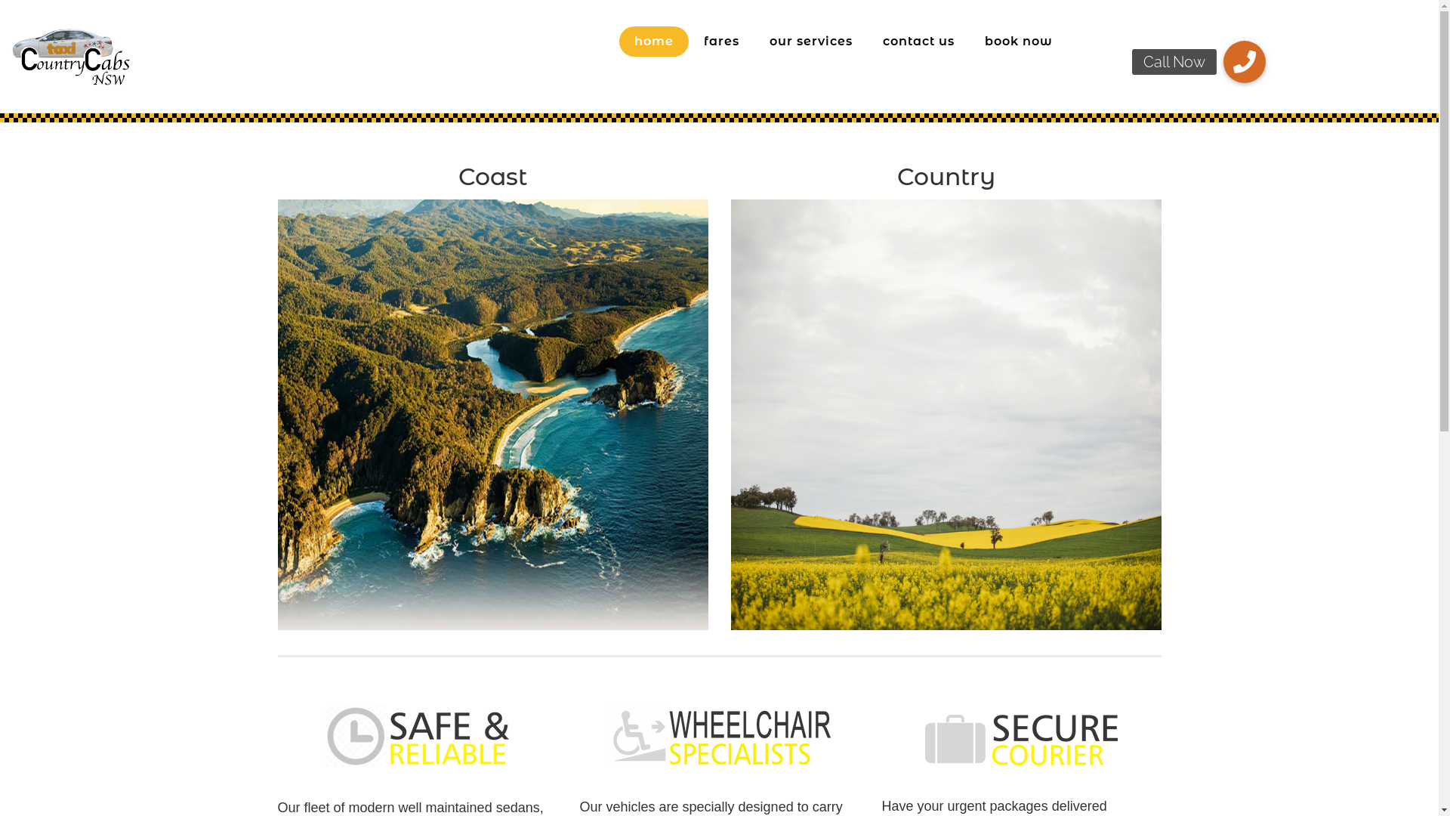 This screenshot has height=816, width=1450. I want to click on 'home', so click(619, 40).